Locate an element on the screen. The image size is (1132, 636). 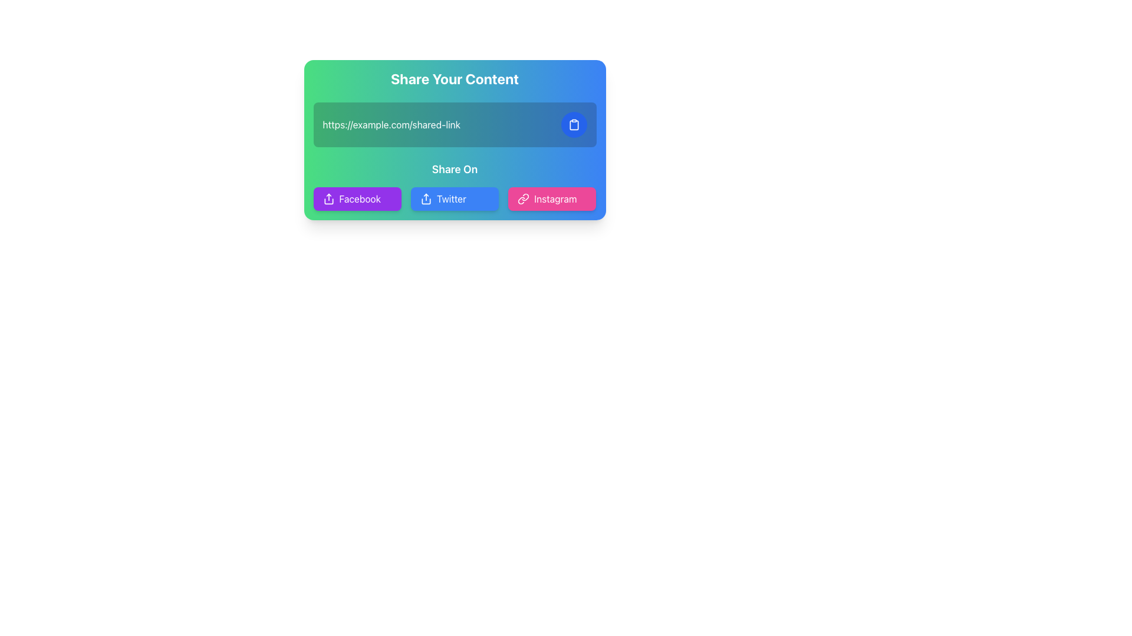
the clipboard icon button, which is styled in a flat design with a circular blue background and positioned in the top-right corner of a rectangular card is located at coordinates (574, 125).